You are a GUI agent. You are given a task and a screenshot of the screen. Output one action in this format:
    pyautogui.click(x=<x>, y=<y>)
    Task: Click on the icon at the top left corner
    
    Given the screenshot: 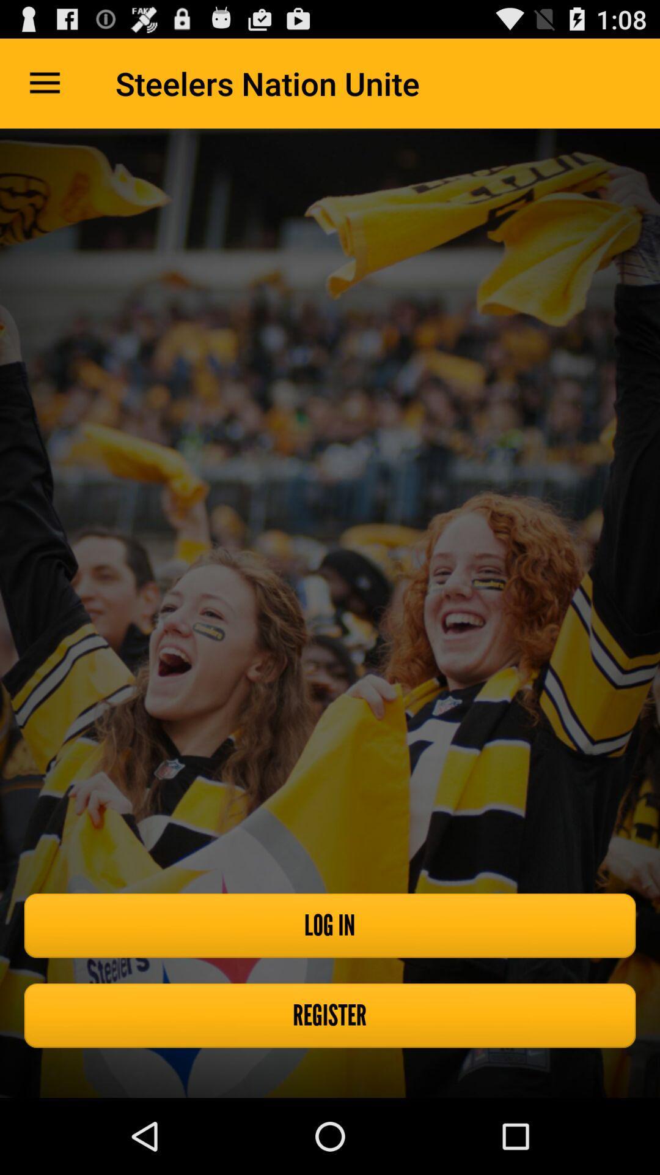 What is the action you would take?
    pyautogui.click(x=44, y=83)
    